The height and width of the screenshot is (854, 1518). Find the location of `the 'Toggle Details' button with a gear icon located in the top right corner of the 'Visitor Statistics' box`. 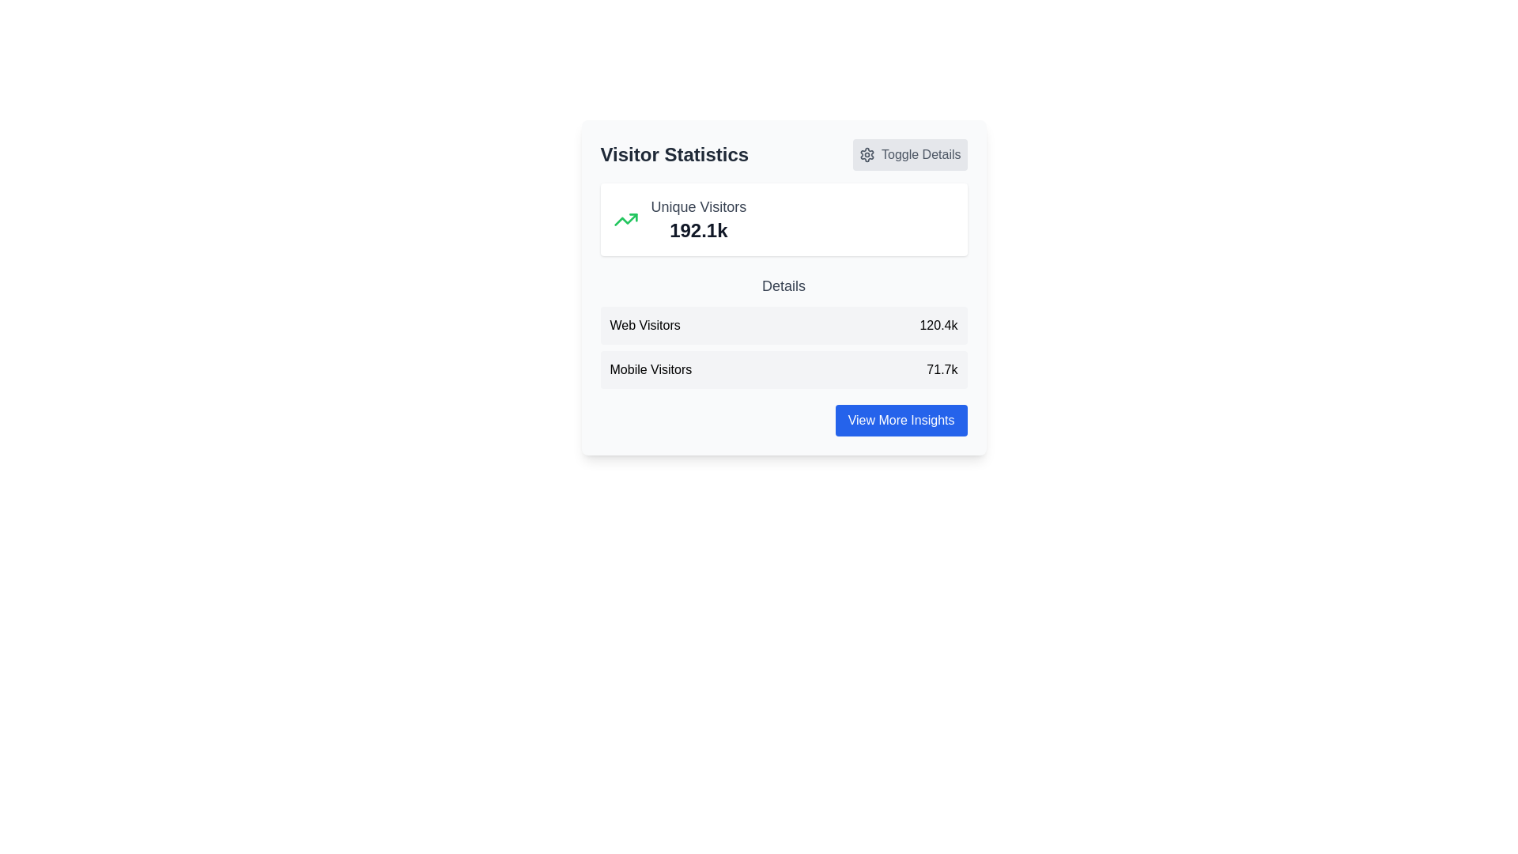

the 'Toggle Details' button with a gear icon located in the top right corner of the 'Visitor Statistics' box is located at coordinates (910, 155).